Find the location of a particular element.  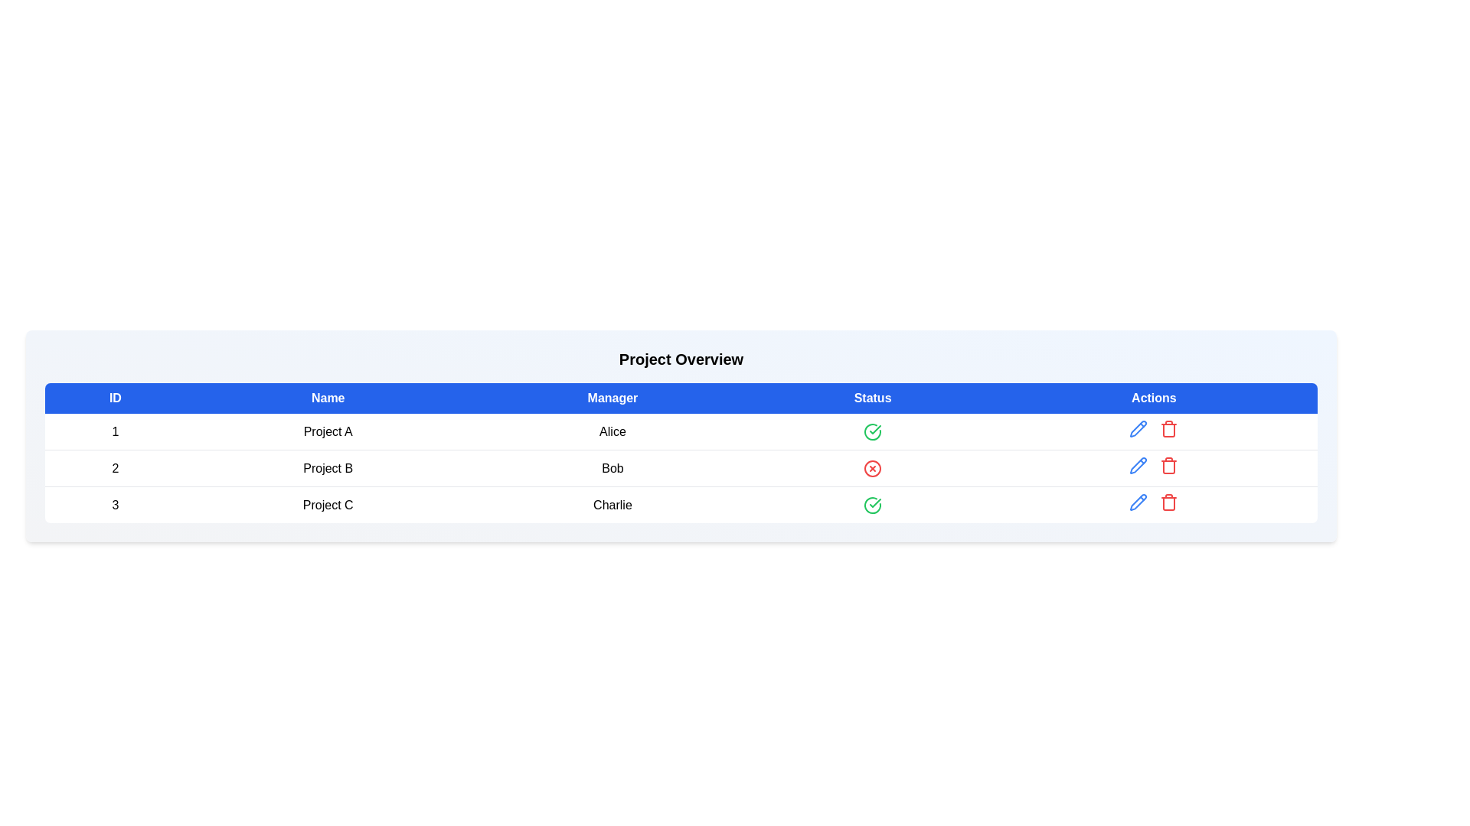

identifier from the text label located in the first column of the table under the header 'ID', specifically at the third row, which represents the unique ID for the associated project is located at coordinates (114, 505).